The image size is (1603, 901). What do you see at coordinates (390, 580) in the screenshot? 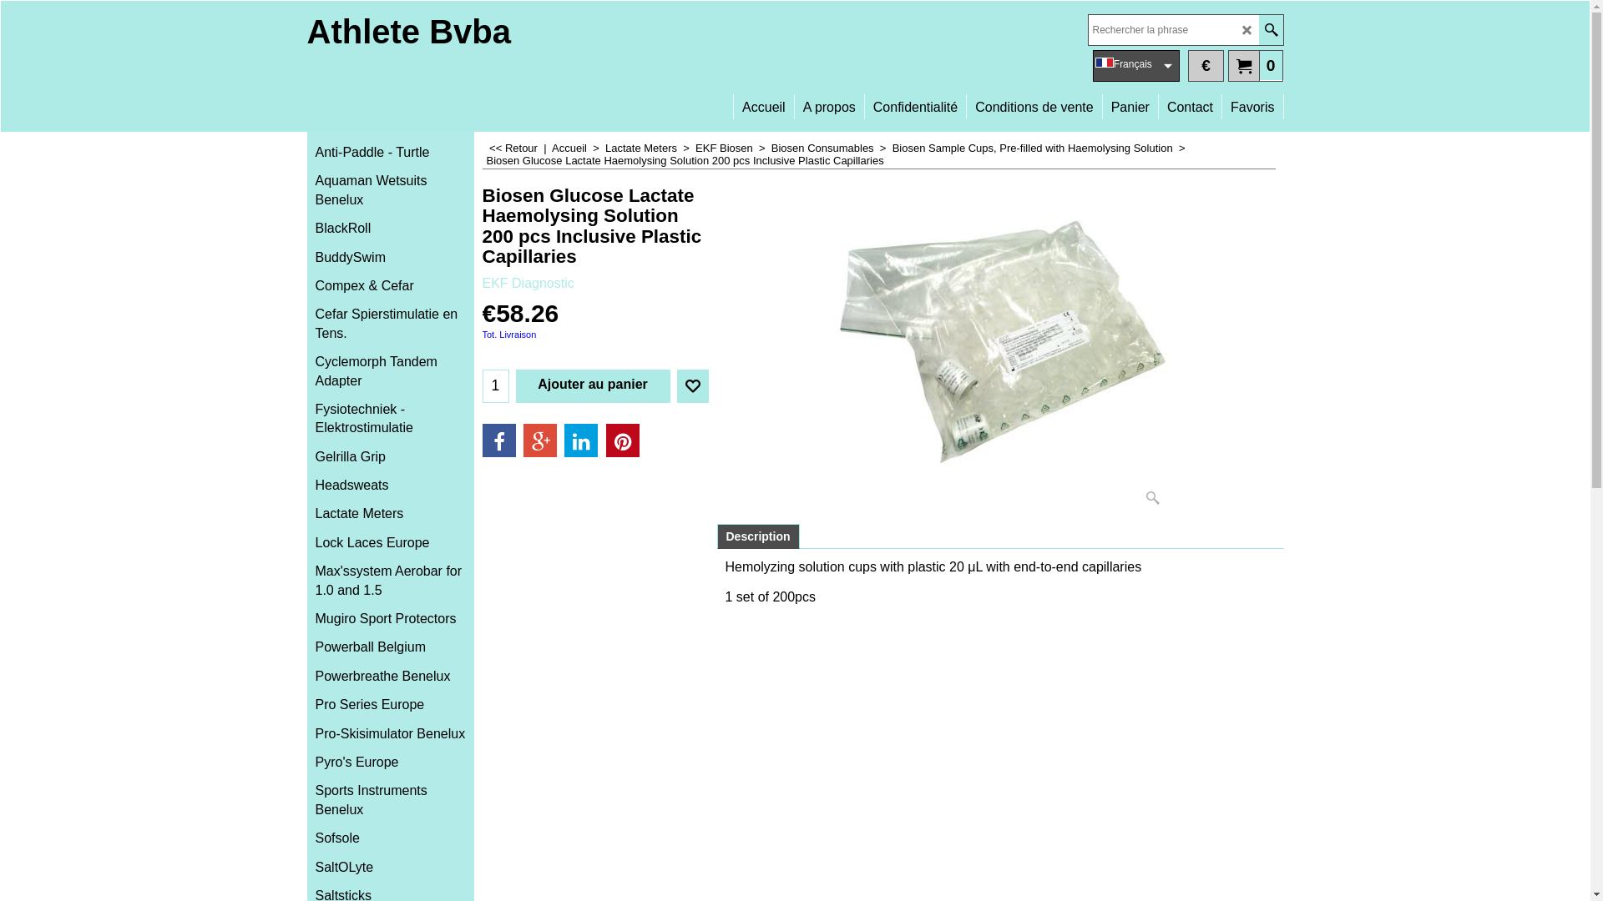
I see `'Max'ssystem Aerobar for 1.0 and 1.5'` at bounding box center [390, 580].